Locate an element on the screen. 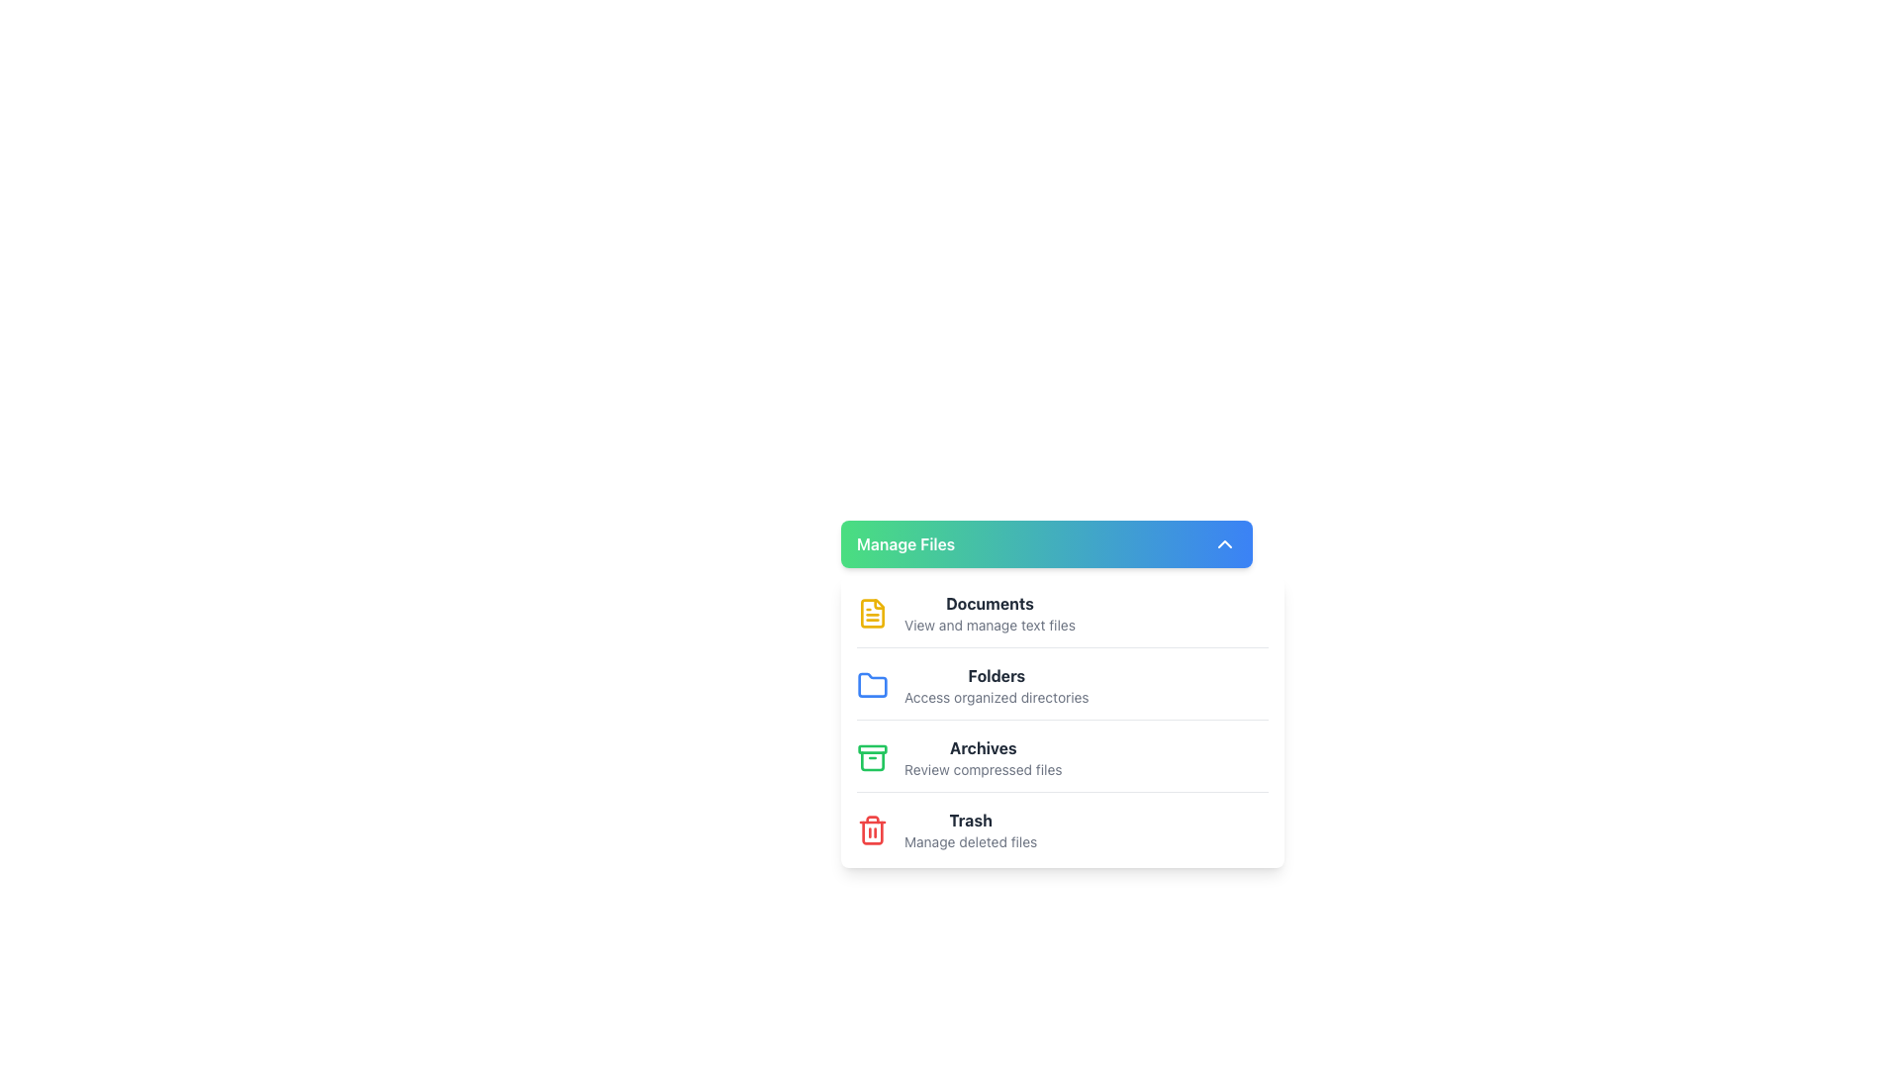  the 'Manage Files' interactive button using keyboard navigation by targeting the center of the button is located at coordinates (1045, 544).